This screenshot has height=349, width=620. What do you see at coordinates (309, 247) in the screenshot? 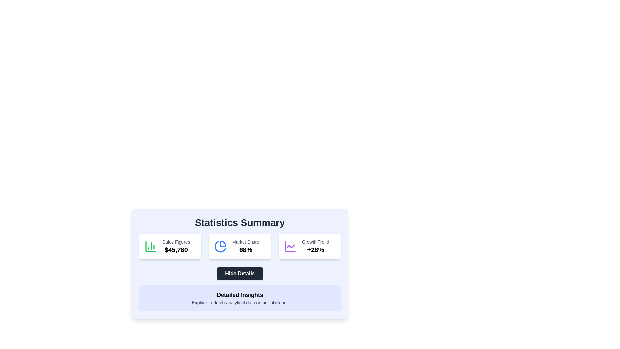
I see `displayed information from the third card in the statistics section, which shows a purple line chart icon and text indicating 'Growth Trend' and '+28%'` at bounding box center [309, 247].